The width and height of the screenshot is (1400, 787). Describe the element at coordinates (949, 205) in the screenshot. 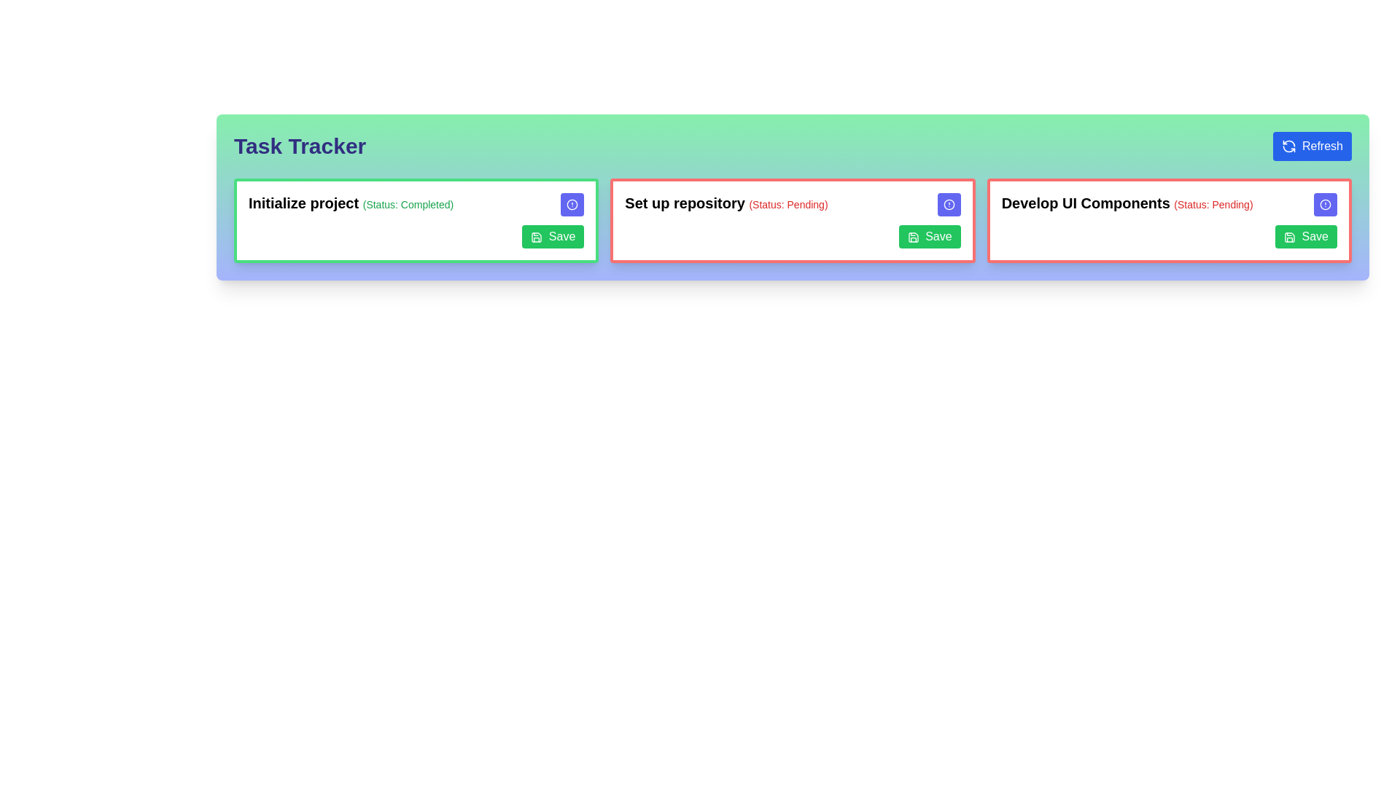

I see `the icon button with an alert symbol, which is a circular button with a blue background and a white border, located at the far-right corner of the 'Set up repository' task card` at that location.